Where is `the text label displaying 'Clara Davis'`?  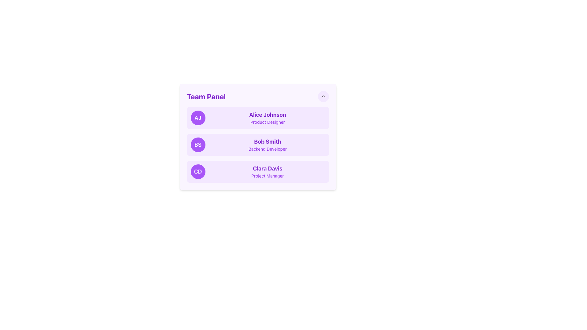 the text label displaying 'Clara Davis' is located at coordinates (268, 168).